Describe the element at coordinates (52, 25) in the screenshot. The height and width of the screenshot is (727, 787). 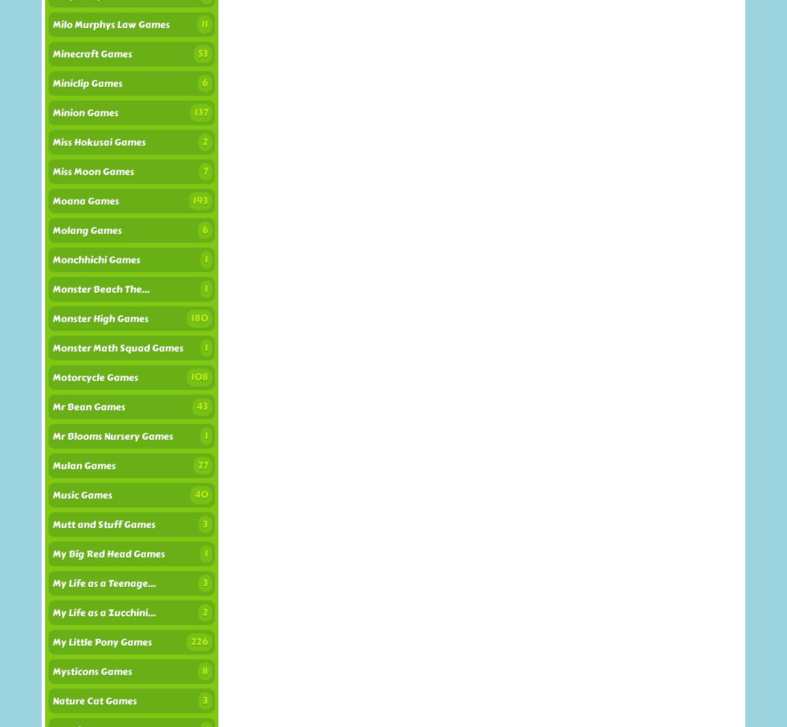
I see `'Milo Murphys Law Games'` at that location.